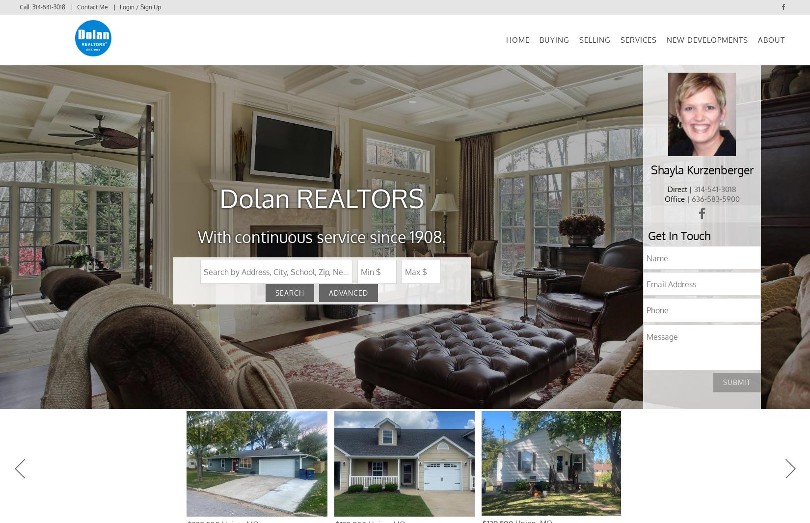 The width and height of the screenshot is (810, 523). I want to click on 'Advanced', so click(348, 305).